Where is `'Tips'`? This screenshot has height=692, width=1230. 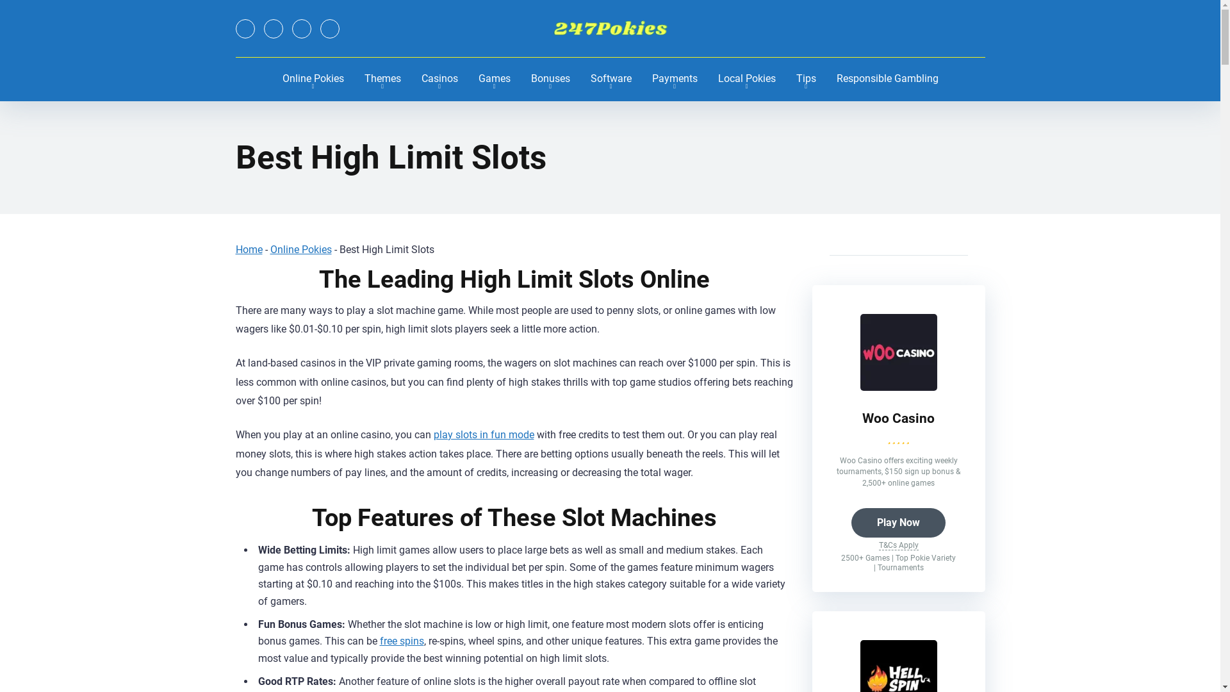 'Tips' is located at coordinates (805, 79).